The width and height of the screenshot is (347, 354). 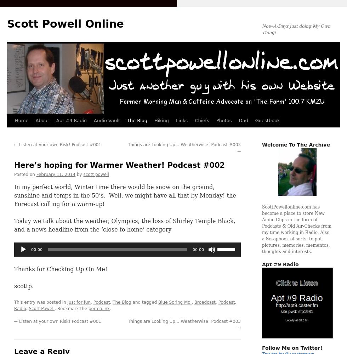 What do you see at coordinates (144, 302) in the screenshot?
I see `'and tagged'` at bounding box center [144, 302].